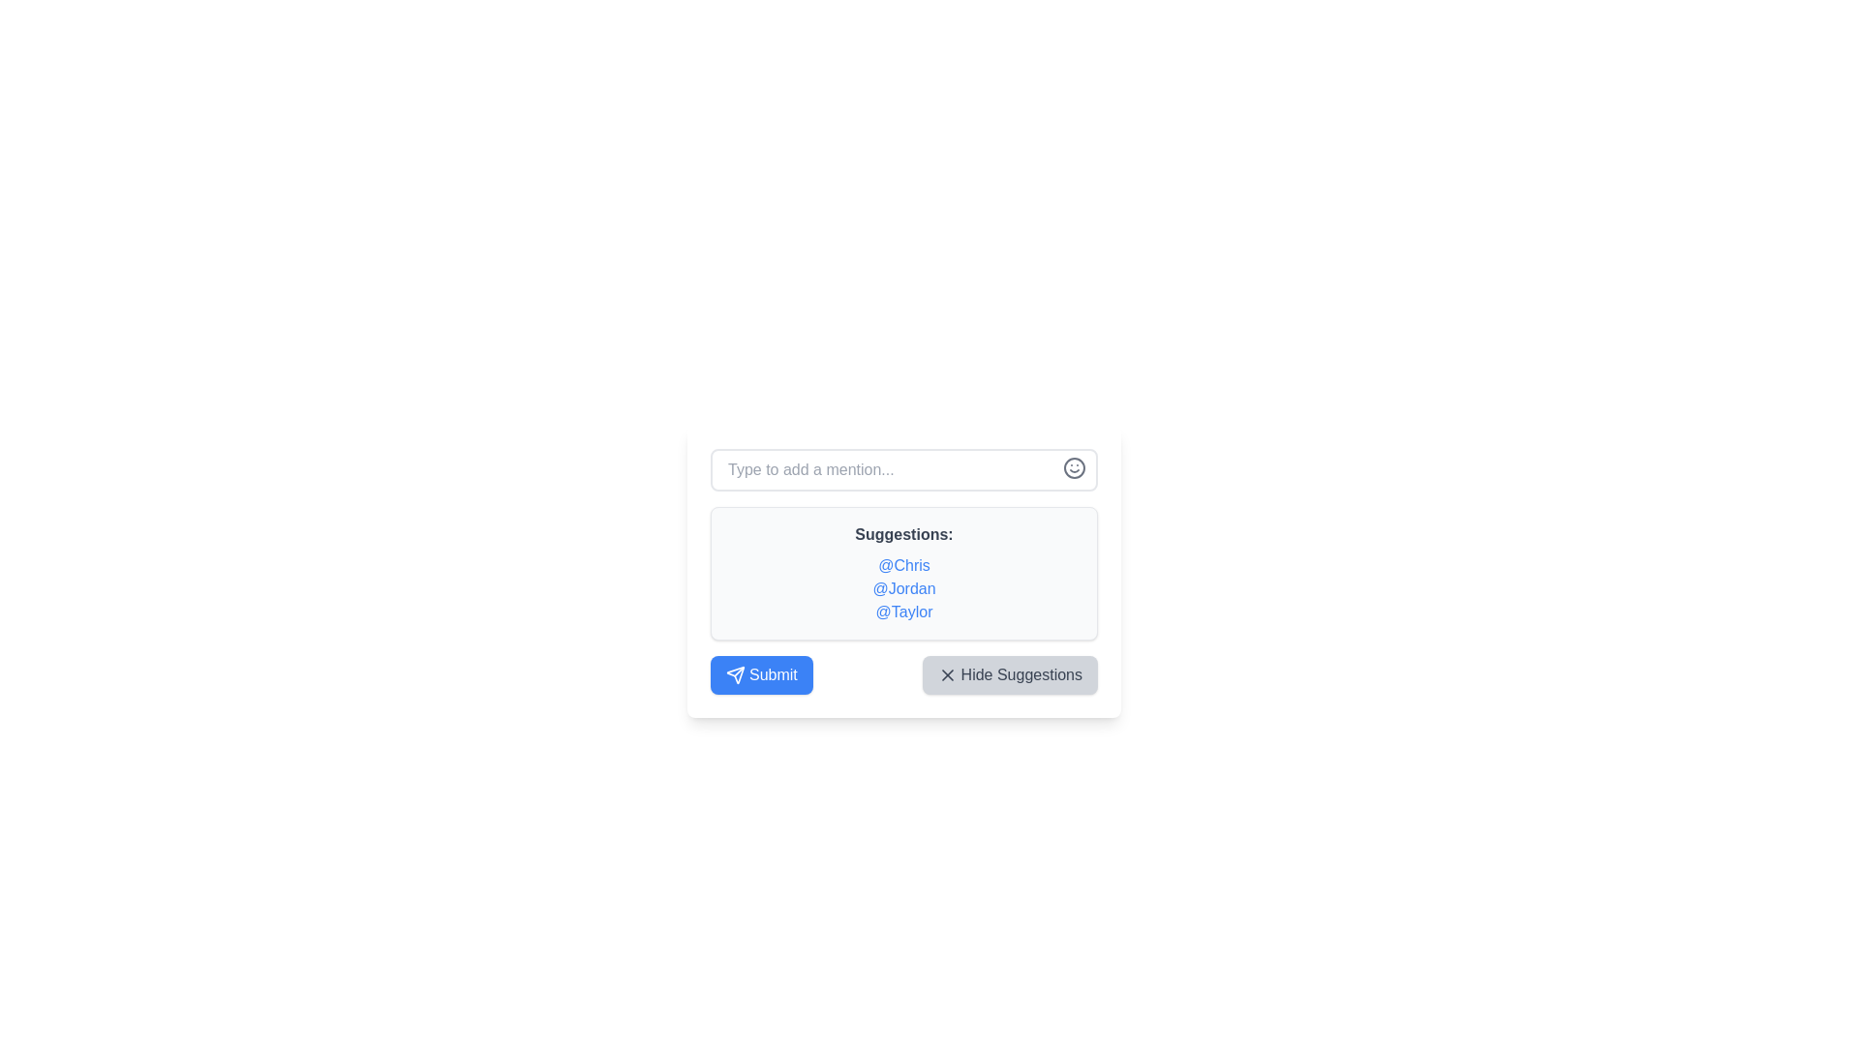 This screenshot has width=1859, height=1045. What do you see at coordinates (734, 674) in the screenshot?
I see `the SVG graphic icon inside the 'Submit' button, which visually enhances the button with a paper plane icon` at bounding box center [734, 674].